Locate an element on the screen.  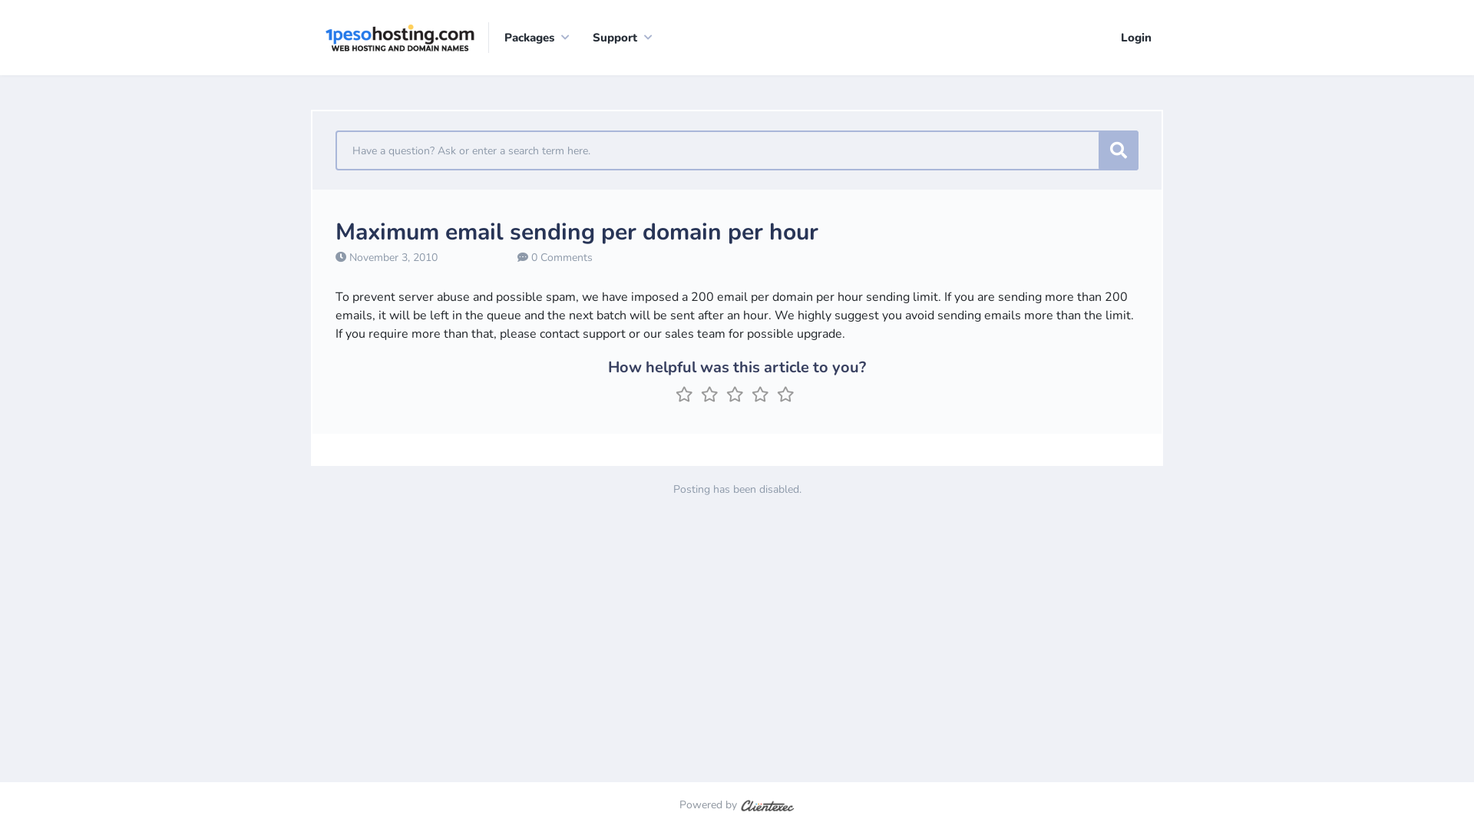
'Support' is located at coordinates (577, 37).